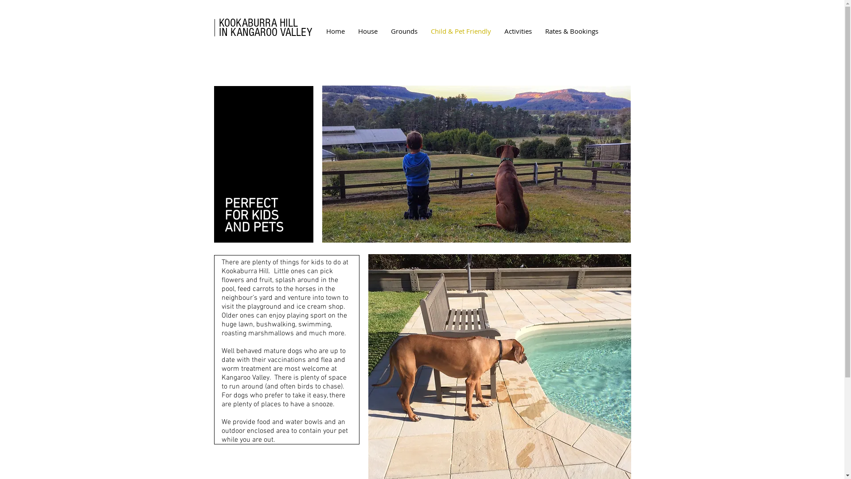 The width and height of the screenshot is (851, 479). Describe the element at coordinates (403, 30) in the screenshot. I see `'Grounds'` at that location.